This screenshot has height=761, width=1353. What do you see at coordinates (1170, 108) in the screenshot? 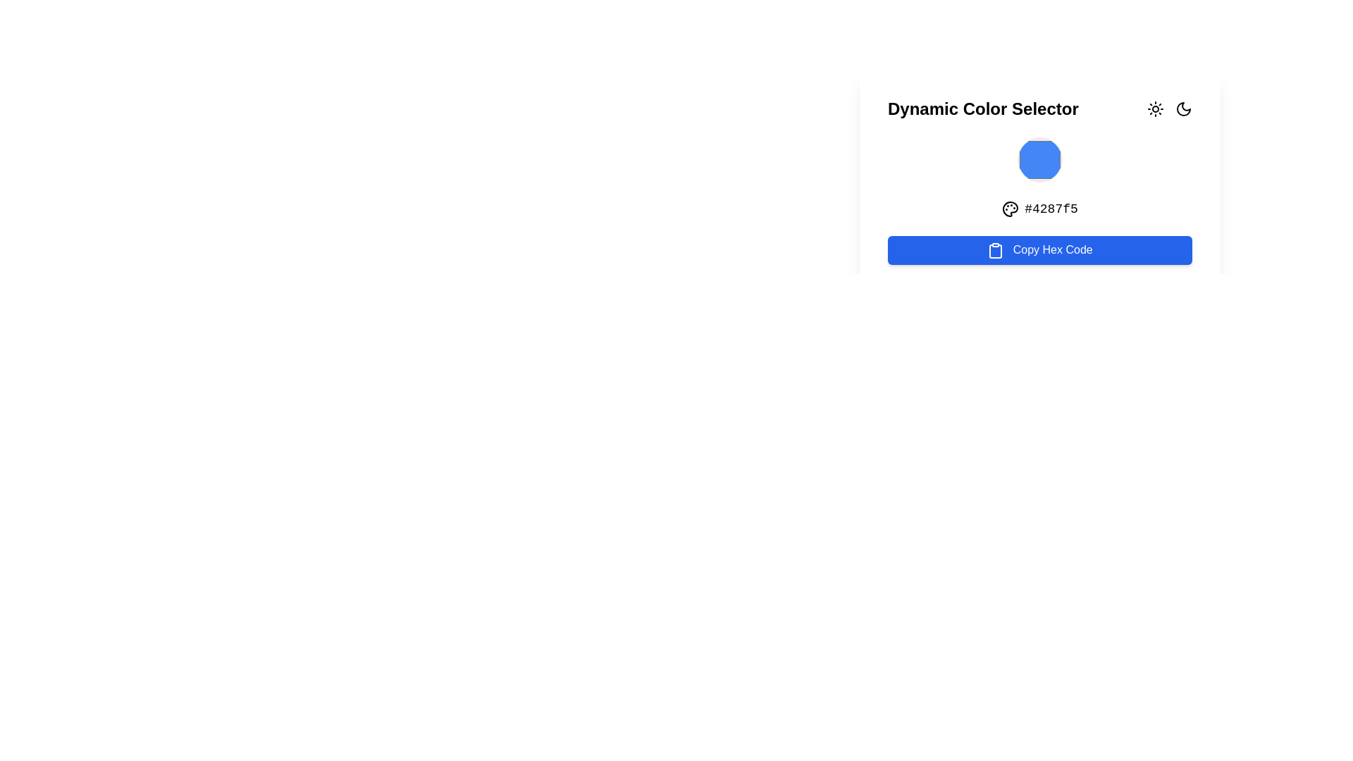
I see `the crescent moon icon in the Icon Group to switch to dark mode` at bounding box center [1170, 108].